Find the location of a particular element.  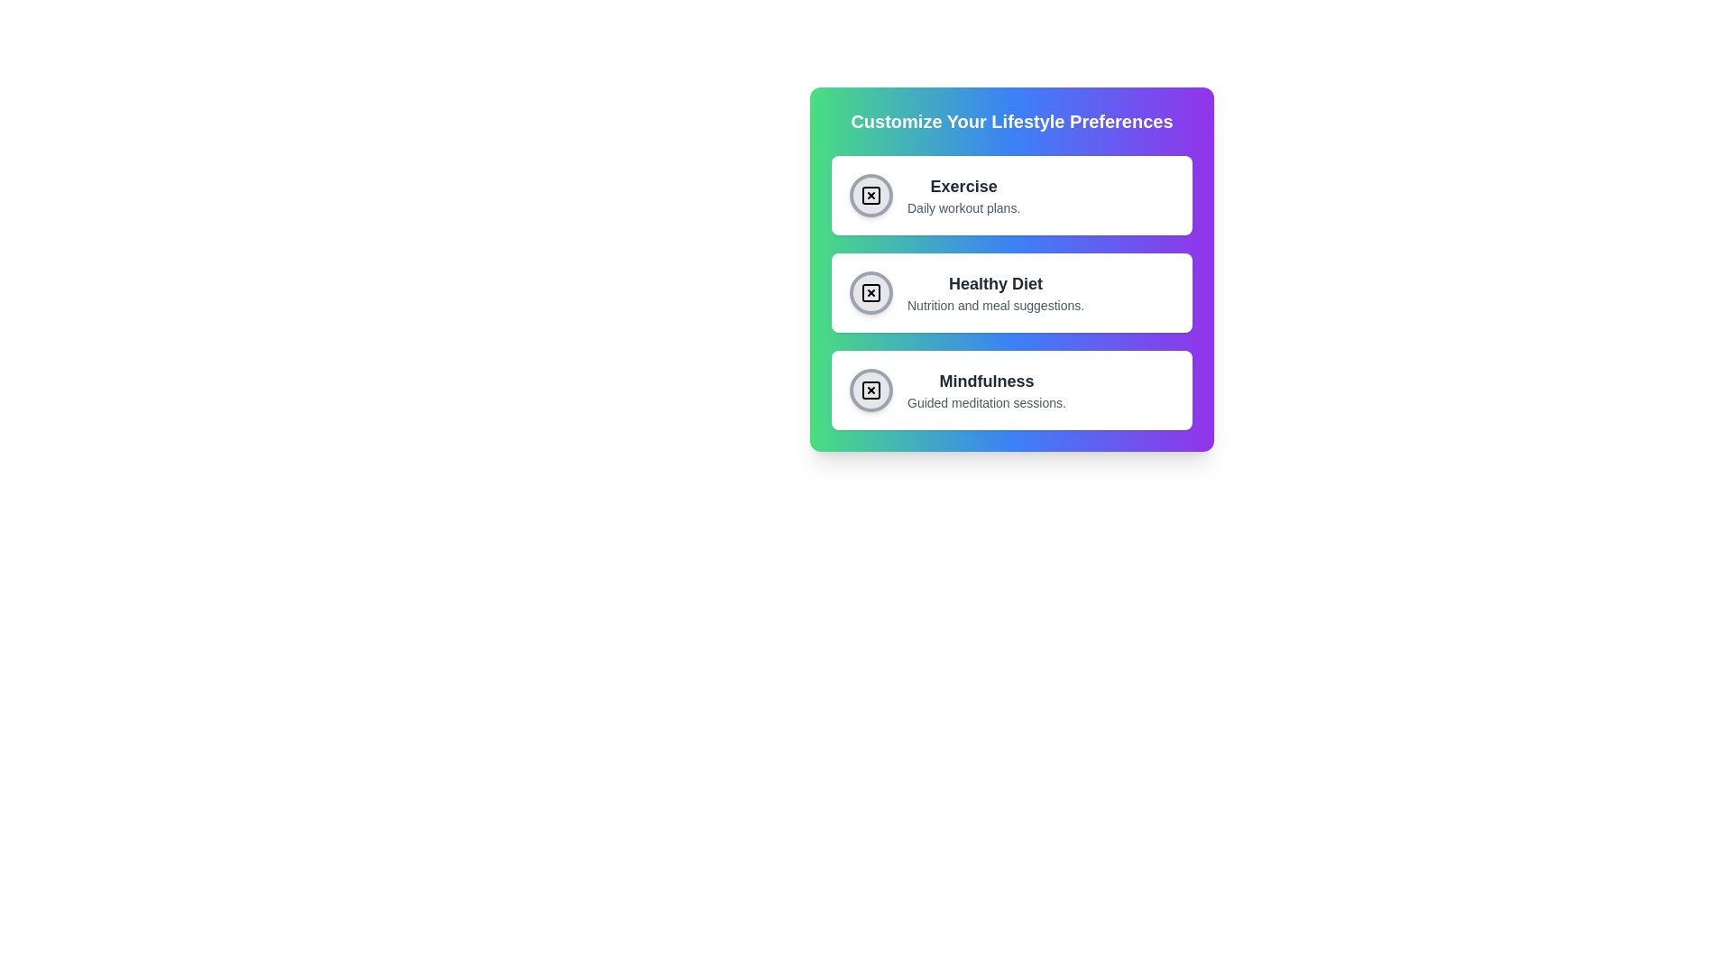

the text block that serves as a descriptor for a section related to exercise, which is located in the topmost card of a vertically stacked list, directly to the right of a circular icon with a bordered style is located at coordinates (963, 195).